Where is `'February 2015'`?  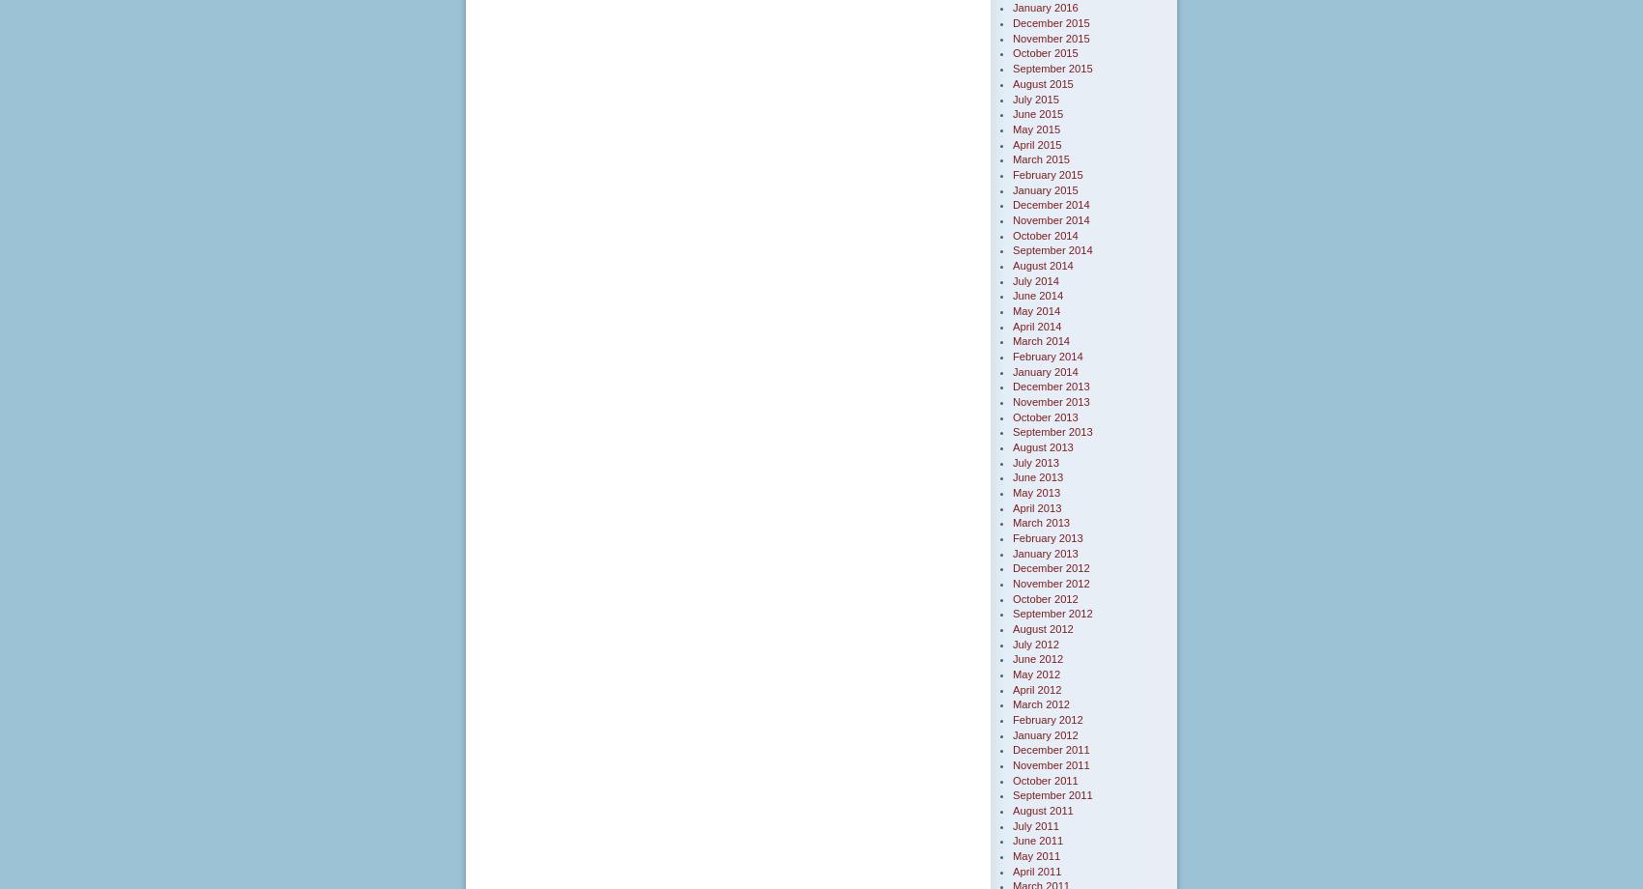
'February 2015' is located at coordinates (1047, 173).